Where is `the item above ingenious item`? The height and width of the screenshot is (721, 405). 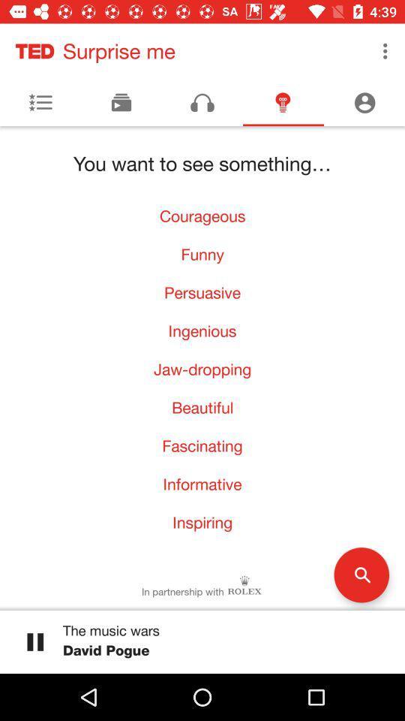
the item above ingenious item is located at coordinates (202, 291).